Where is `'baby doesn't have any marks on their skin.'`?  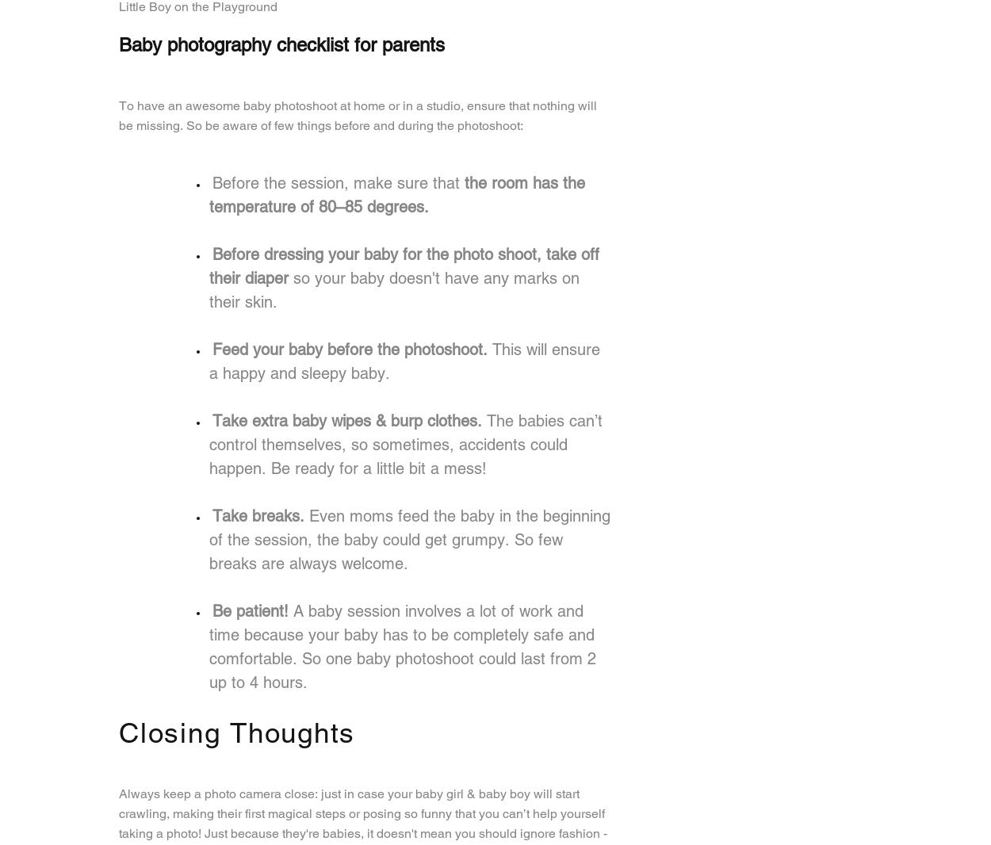 'baby doesn't have any marks on their skin.' is located at coordinates (393, 289).